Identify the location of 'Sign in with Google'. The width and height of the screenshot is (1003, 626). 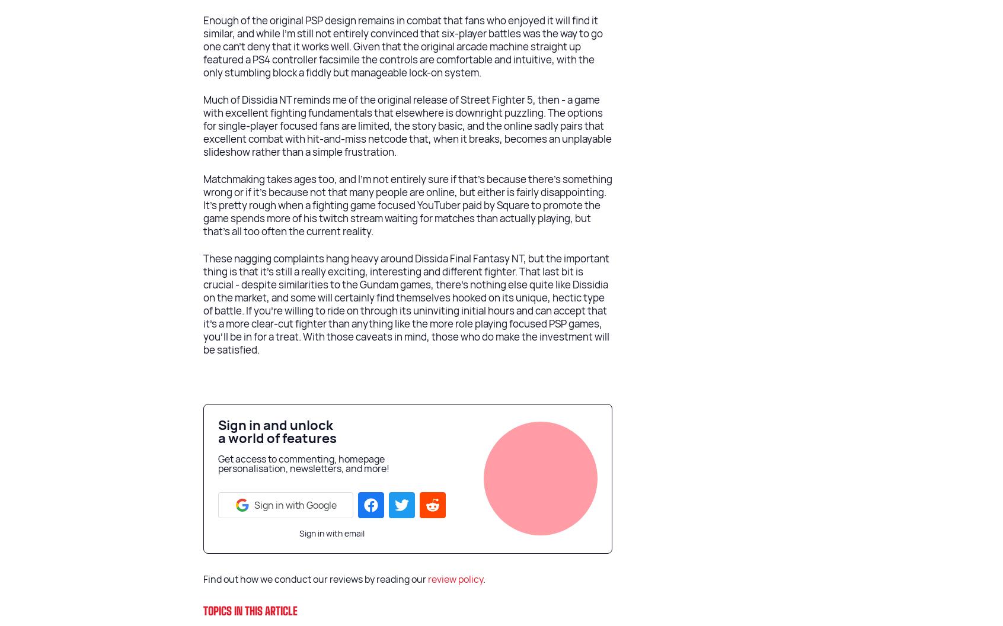
(295, 504).